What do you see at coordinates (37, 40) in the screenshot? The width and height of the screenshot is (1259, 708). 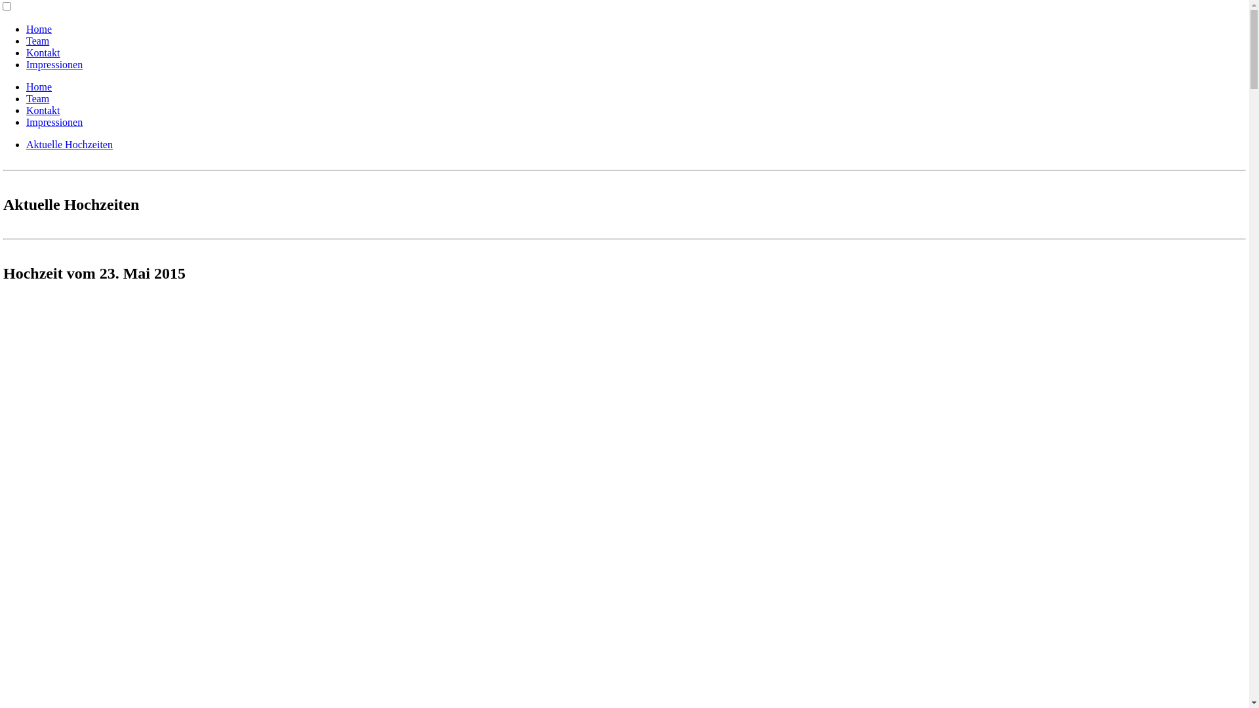 I see `'Team'` at bounding box center [37, 40].